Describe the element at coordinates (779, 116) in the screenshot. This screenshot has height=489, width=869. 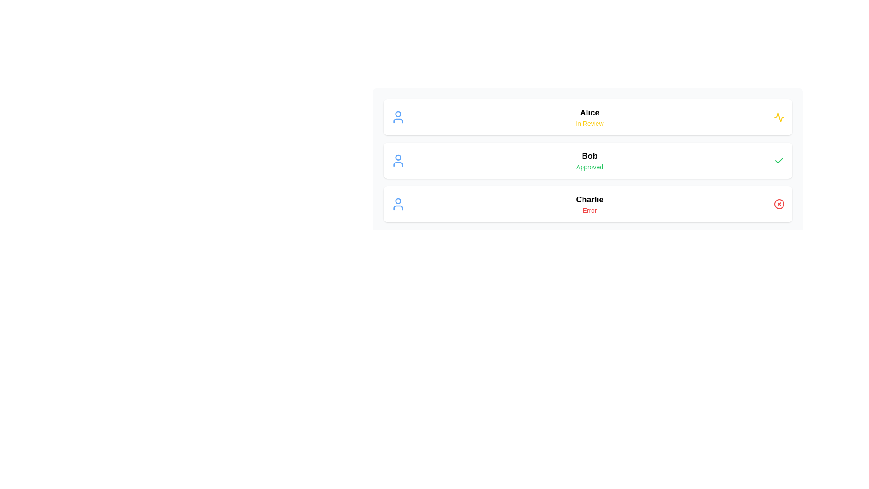
I see `the 'In Review' status indicator icon located on the far right side of the 'Alice' row, aligned horizontally with the text 'Alice'` at that location.